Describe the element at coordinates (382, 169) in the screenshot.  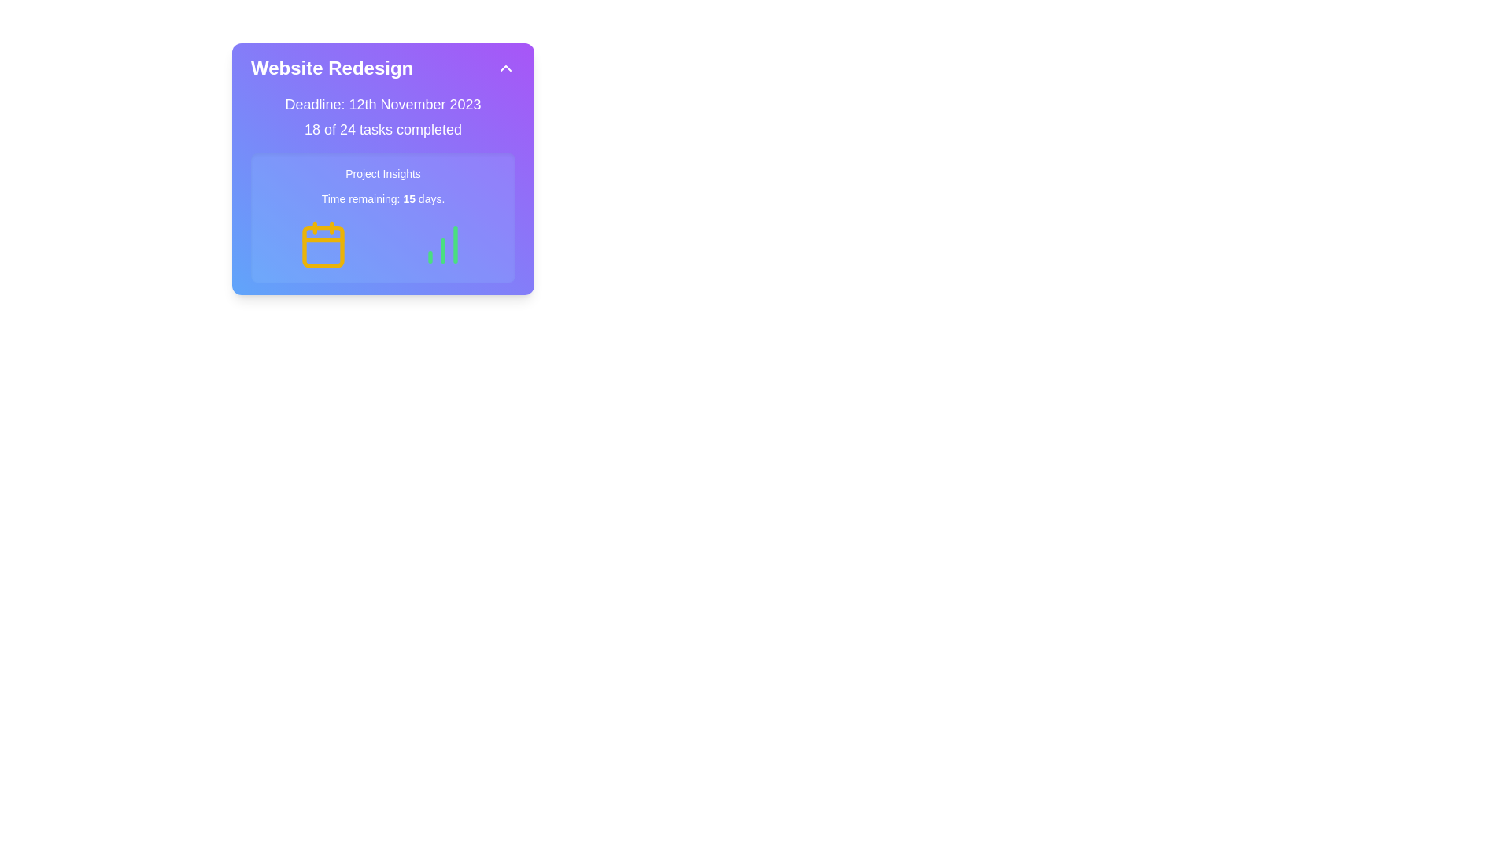
I see `displayed text from the project overview card, which has a gradient background and rounded borders, positioned centrally in the interface` at that location.